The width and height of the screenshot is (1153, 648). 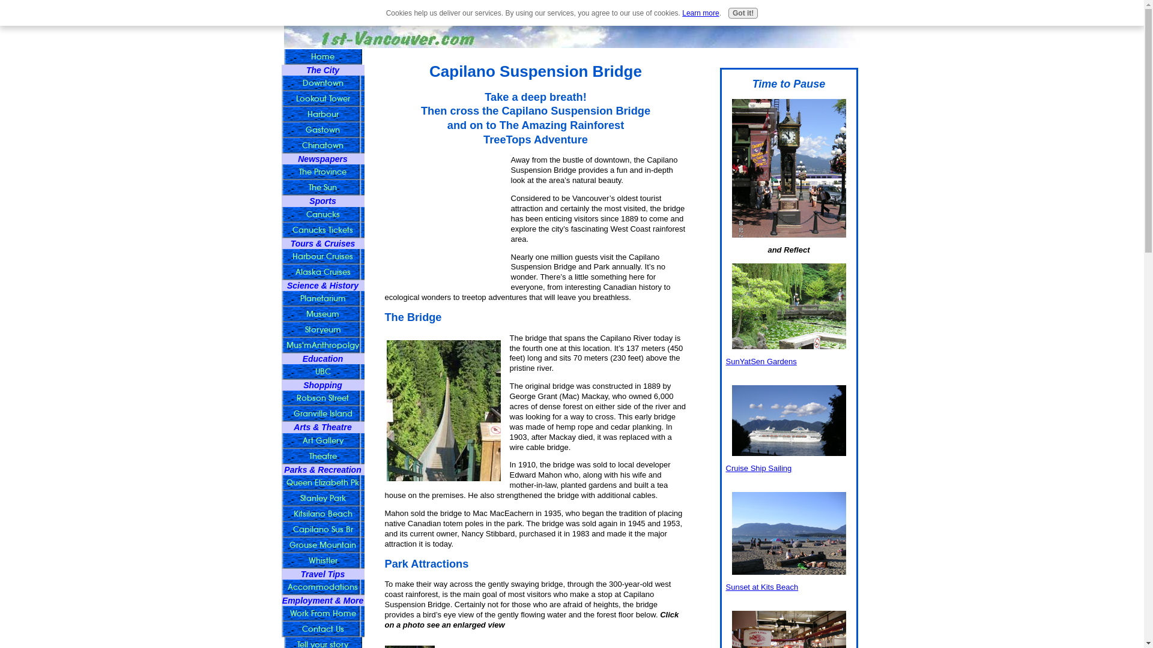 I want to click on 'SunYatSen Garden', so click(x=788, y=305).